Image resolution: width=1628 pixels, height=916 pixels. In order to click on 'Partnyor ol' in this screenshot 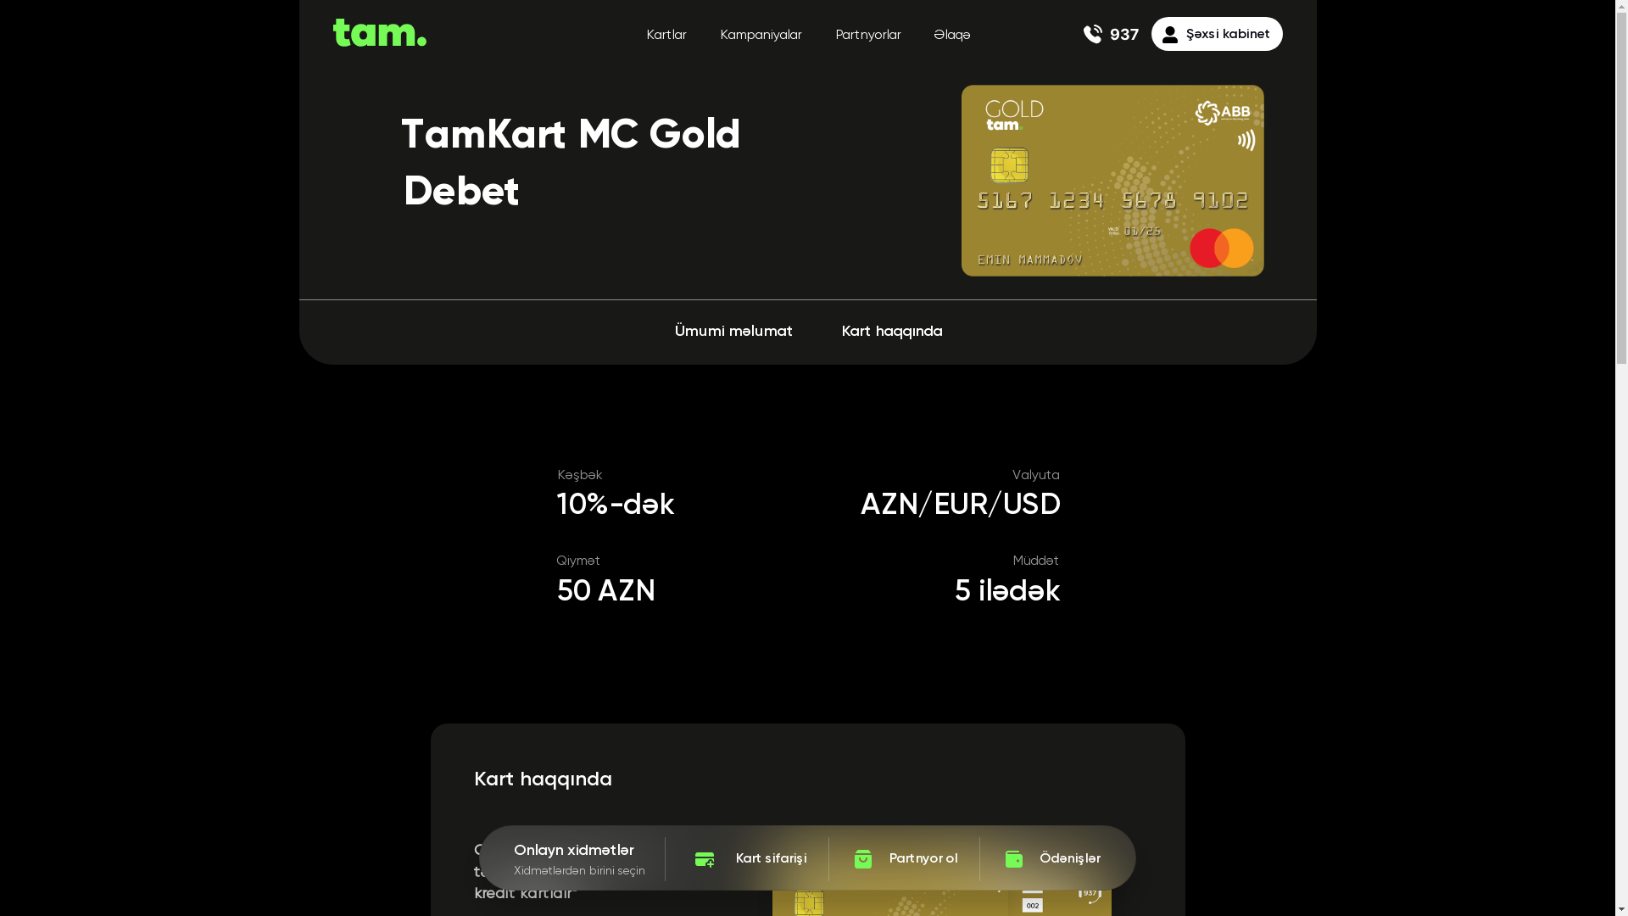, I will do `click(902, 859)`.